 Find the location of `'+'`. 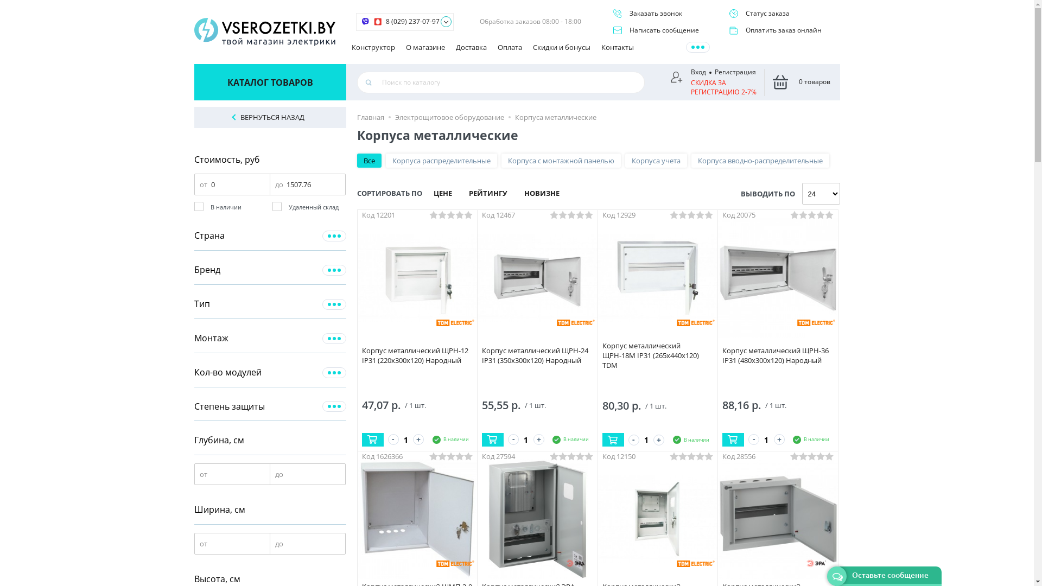

'+' is located at coordinates (778, 439).